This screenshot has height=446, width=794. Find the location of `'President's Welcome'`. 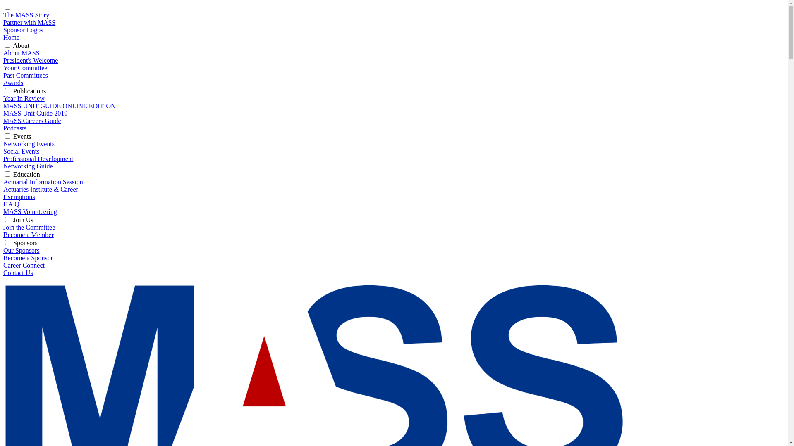

'President's Welcome' is located at coordinates (30, 60).